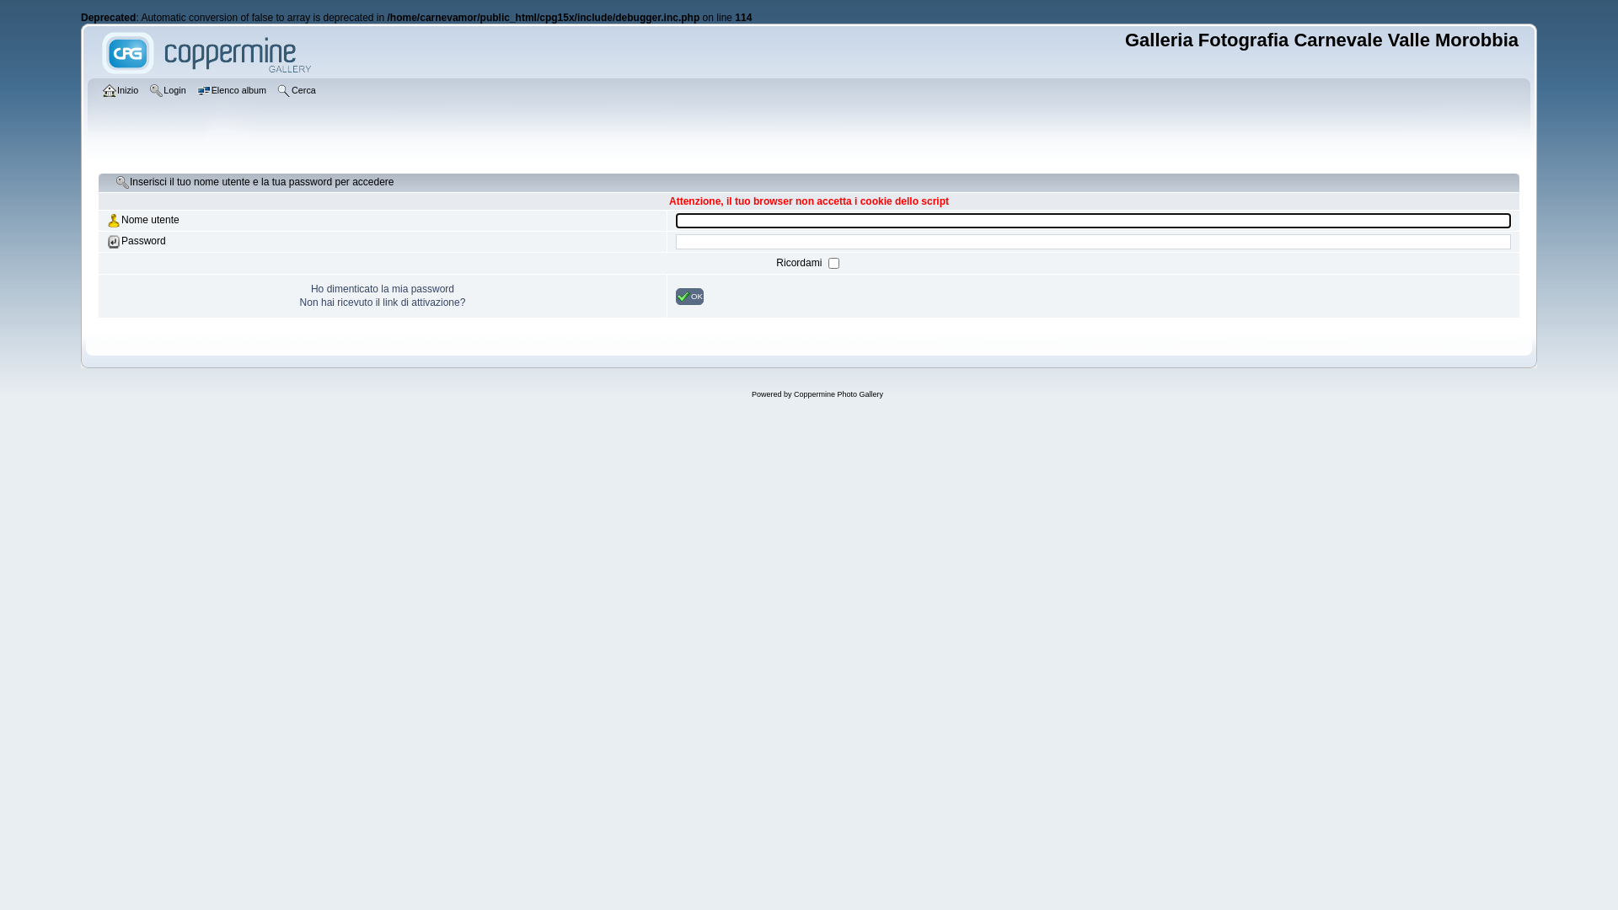 This screenshot has height=910, width=1618. I want to click on 'Cerca', so click(298, 91).